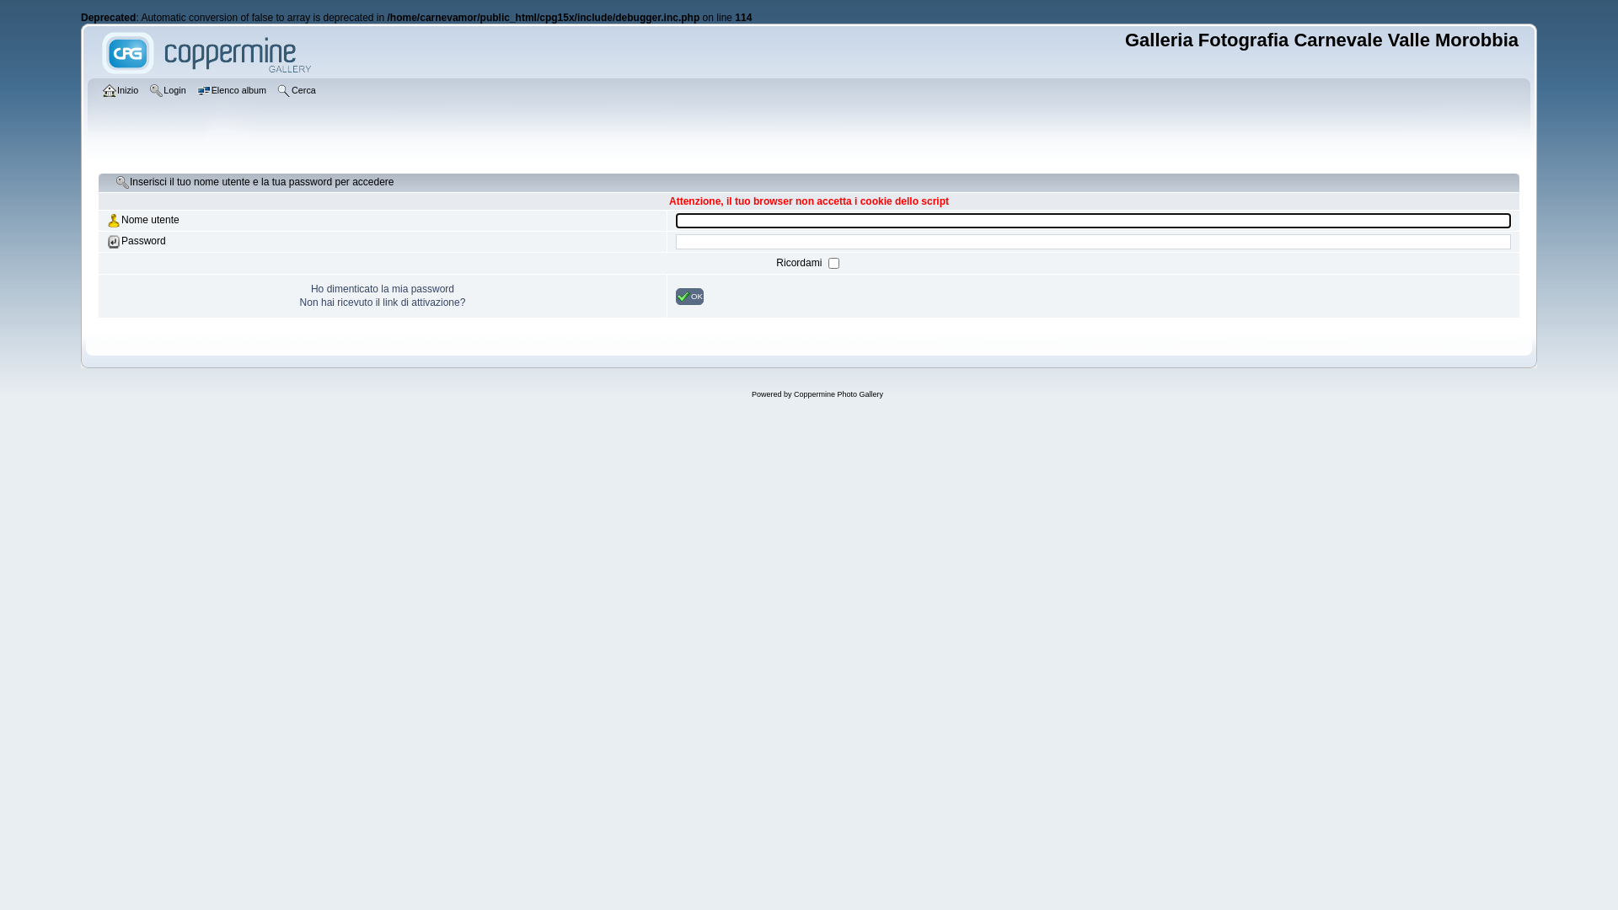 This screenshot has height=910, width=1618. I want to click on 'Cerca', so click(298, 91).